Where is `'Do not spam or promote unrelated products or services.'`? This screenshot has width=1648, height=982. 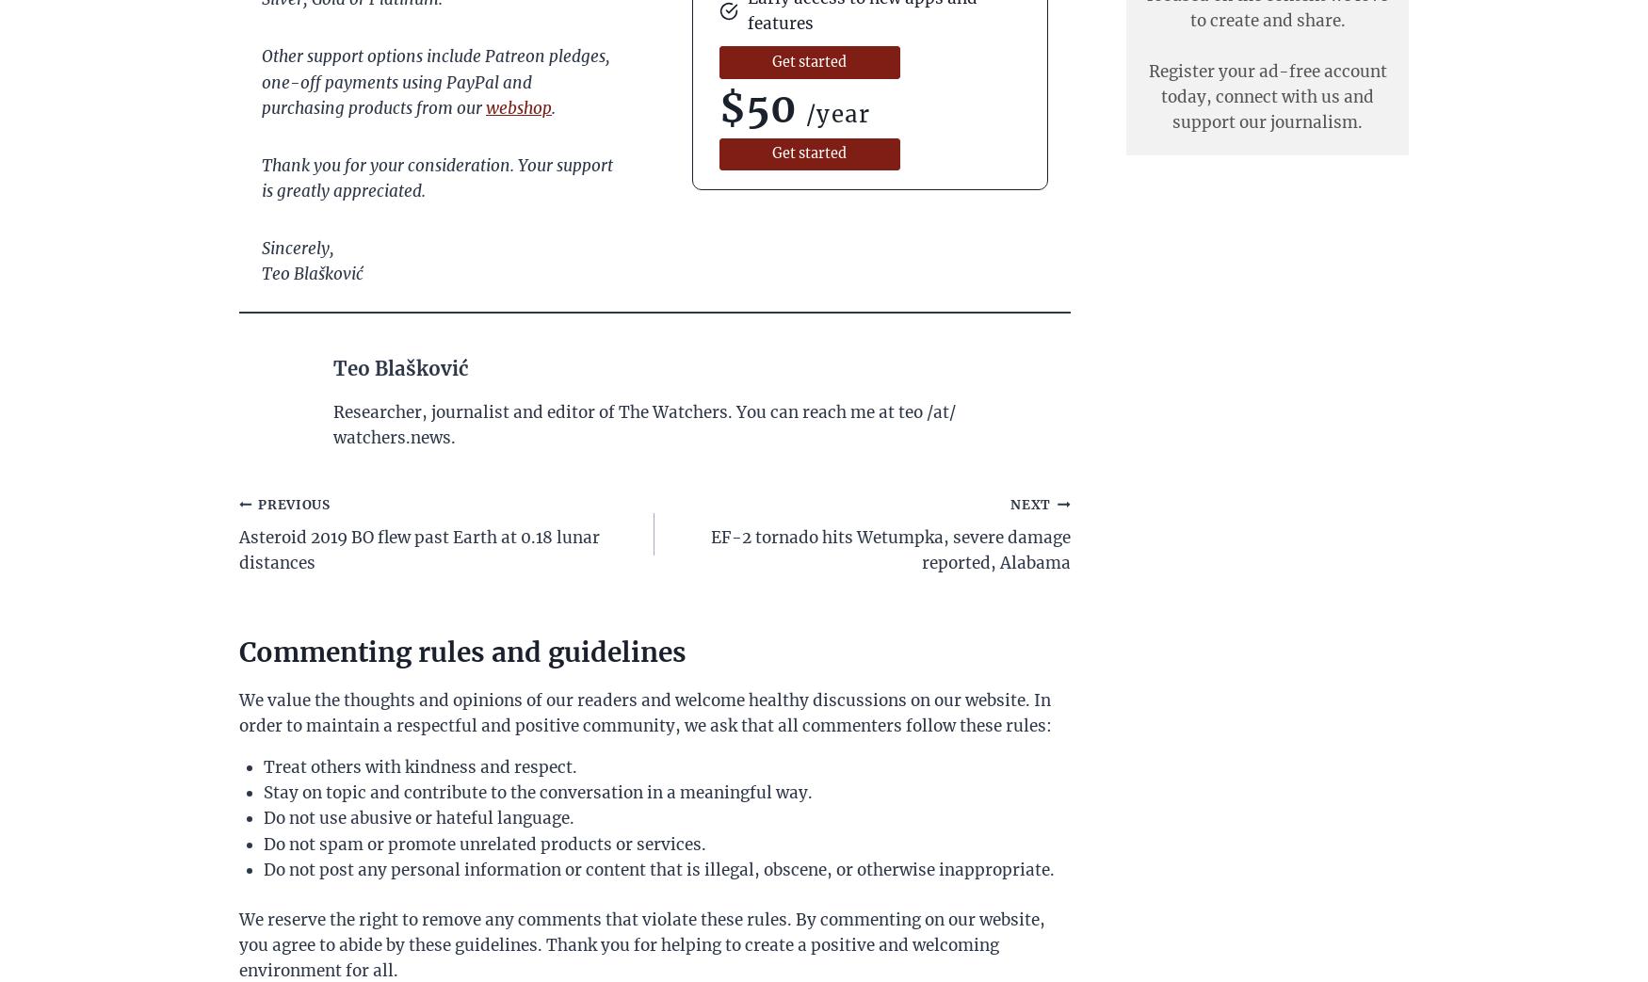 'Do not spam or promote unrelated products or services.' is located at coordinates (261, 843).